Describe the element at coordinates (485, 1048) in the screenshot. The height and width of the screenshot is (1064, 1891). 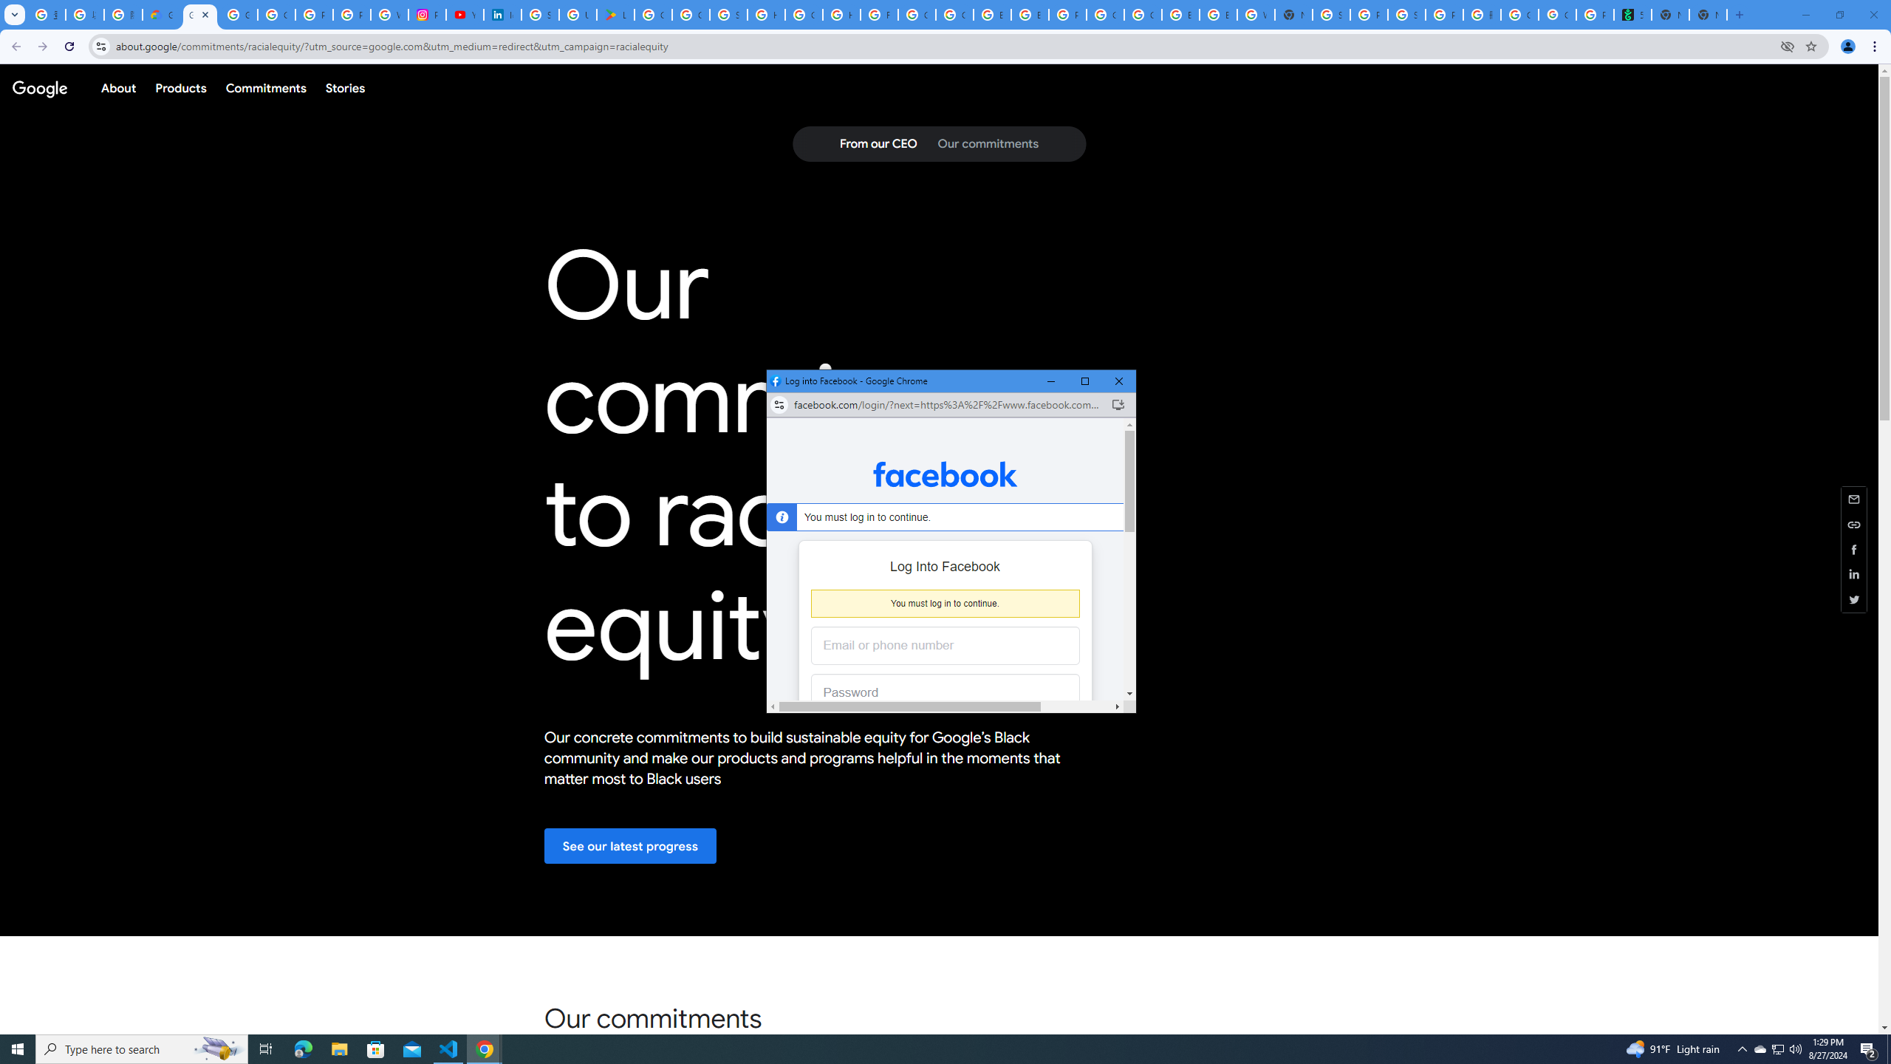
I see `'Google Chrome - 3 running windows'` at that location.